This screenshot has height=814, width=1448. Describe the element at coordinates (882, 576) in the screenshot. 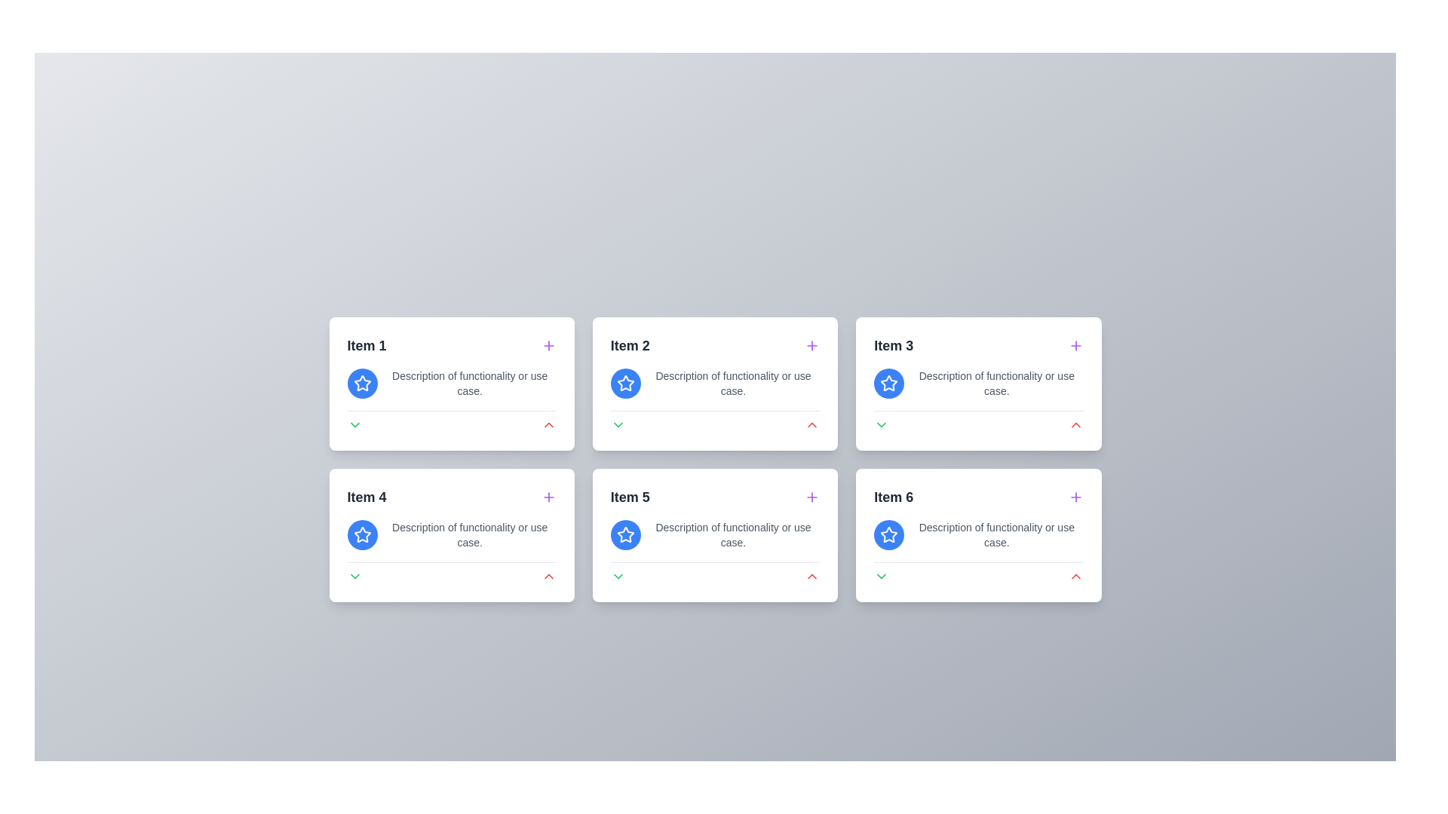

I see `the green downward-facing chevron icon button located in the bottom-left corner of the 'Item 6' card` at that location.